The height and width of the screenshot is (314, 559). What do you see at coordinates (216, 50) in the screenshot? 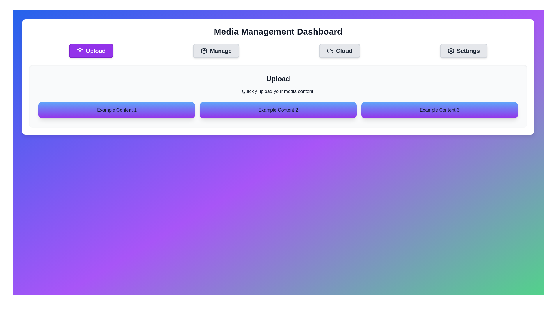
I see `the Manage tab by clicking its corresponding button` at bounding box center [216, 50].